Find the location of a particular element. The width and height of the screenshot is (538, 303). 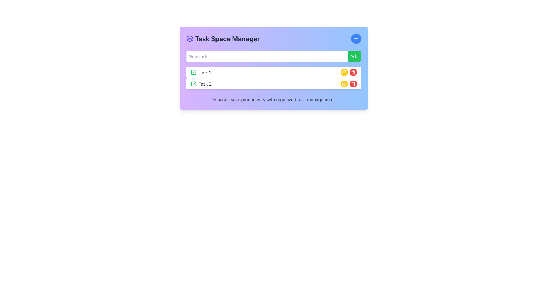

the 'Add' button located within the Input field for task creation in the 'Task Space Manager' is located at coordinates (273, 56).